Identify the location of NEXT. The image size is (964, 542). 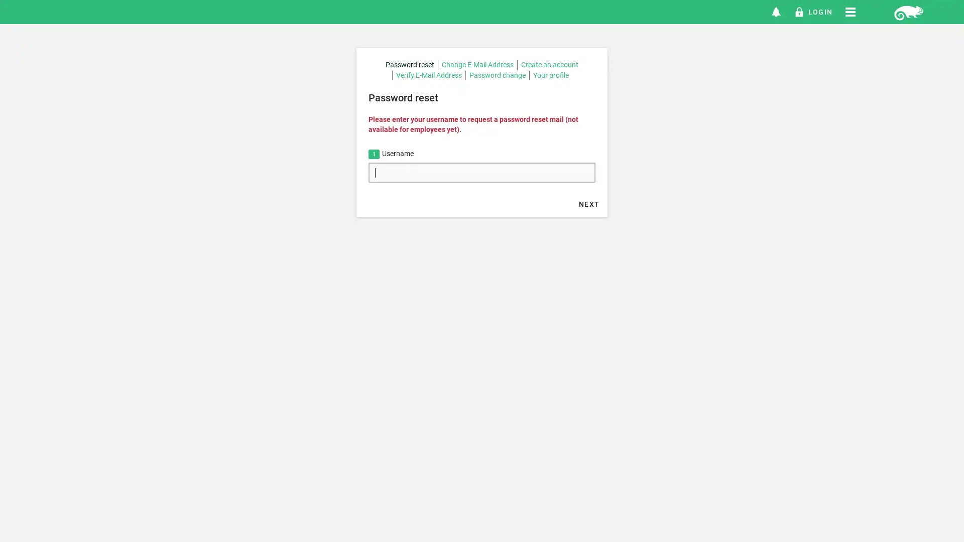
(589, 203).